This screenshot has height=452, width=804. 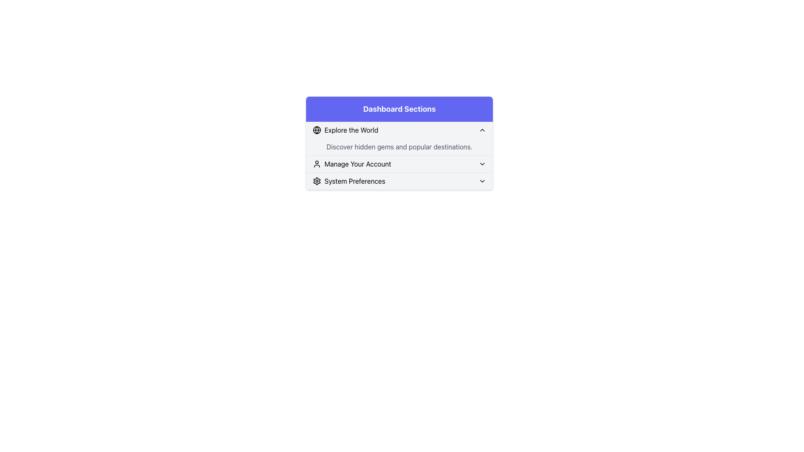 What do you see at coordinates (399, 109) in the screenshot?
I see `text of the Label Header indicating 'Dashboard Sections' located at the top of the panel` at bounding box center [399, 109].